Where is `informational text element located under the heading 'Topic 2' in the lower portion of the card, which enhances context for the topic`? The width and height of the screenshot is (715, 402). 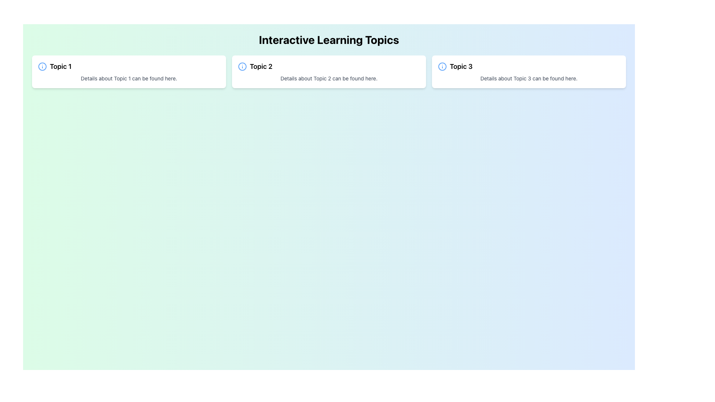
informational text element located under the heading 'Topic 2' in the lower portion of the card, which enhances context for the topic is located at coordinates (328, 79).